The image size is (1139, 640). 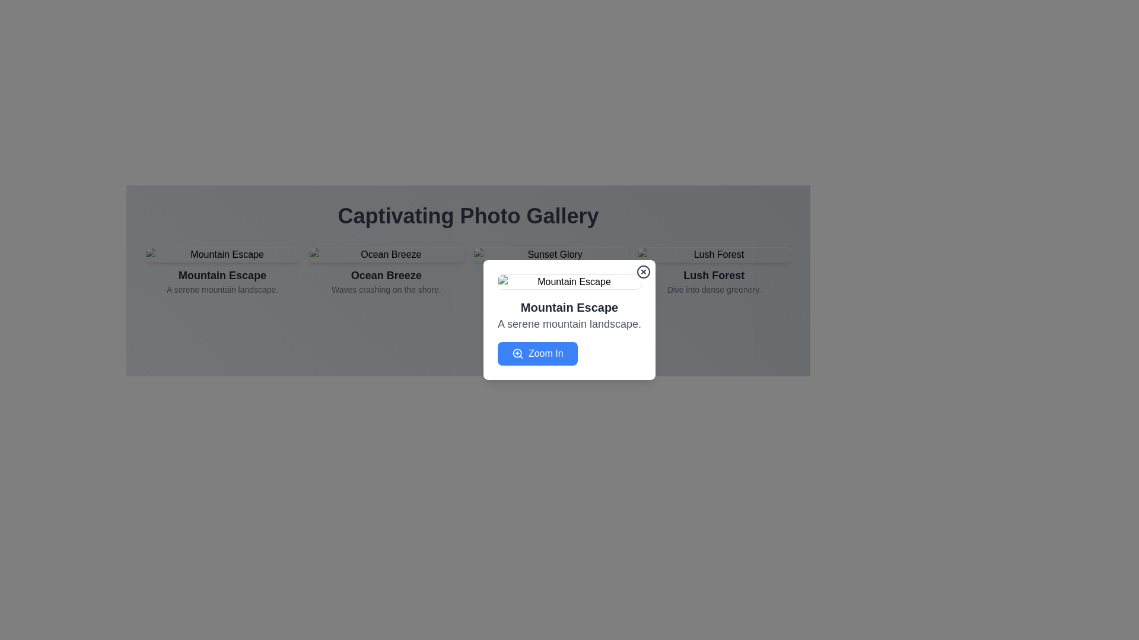 What do you see at coordinates (222, 254) in the screenshot?
I see `the scenic mountain view image thumbnail, which is a rounded rectangular shape with a light gray border` at bounding box center [222, 254].